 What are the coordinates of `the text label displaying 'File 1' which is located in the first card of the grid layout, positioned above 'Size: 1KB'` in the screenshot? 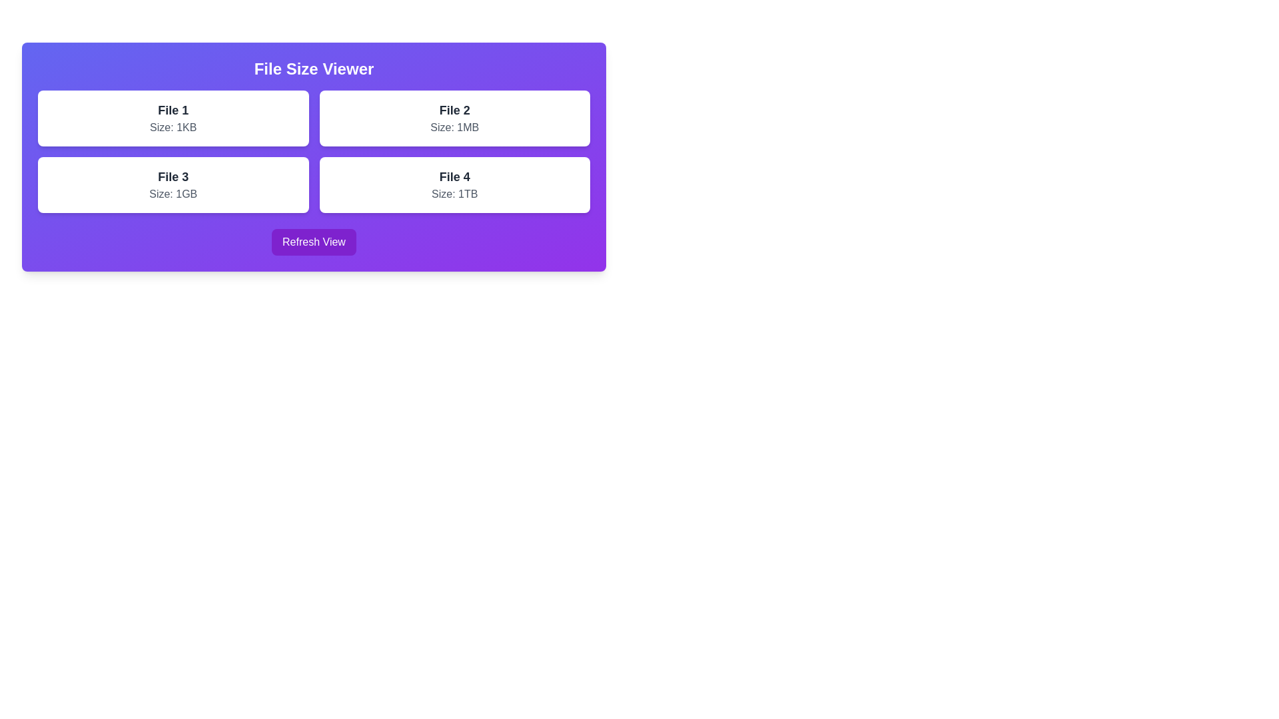 It's located at (173, 109).